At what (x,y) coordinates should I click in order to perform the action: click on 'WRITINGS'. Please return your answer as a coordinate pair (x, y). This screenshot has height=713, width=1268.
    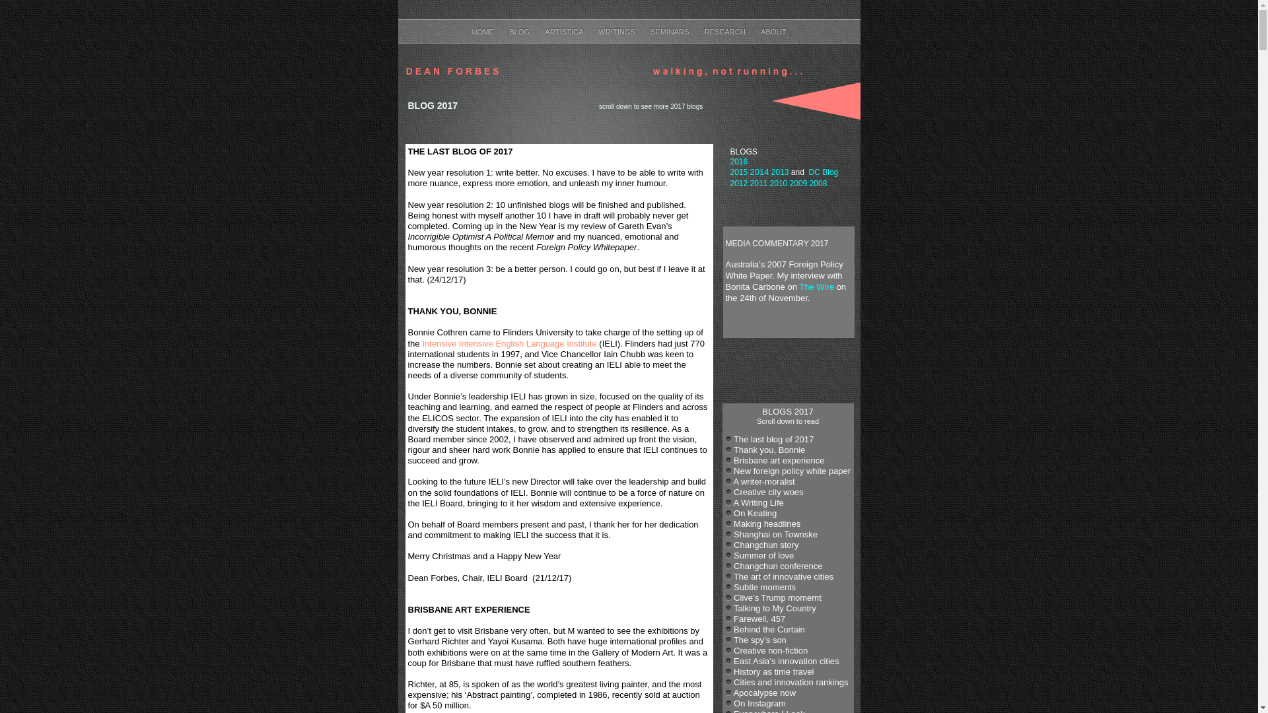
    Looking at the image, I should click on (617, 30).